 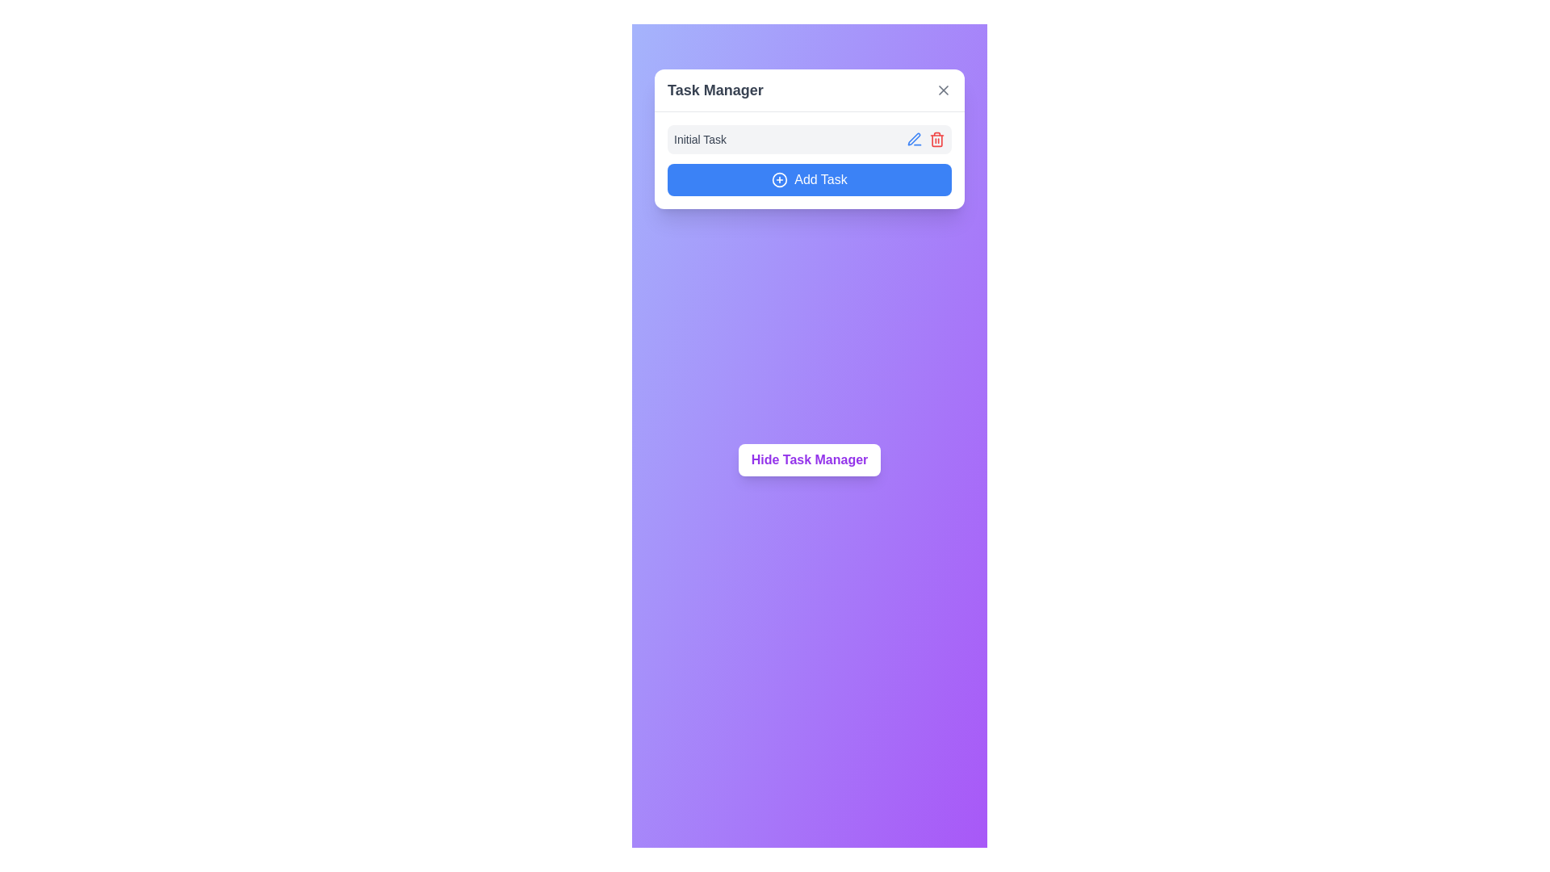 I want to click on the delete button located to the right of the blue pen icon within the task manager box, so click(x=937, y=139).